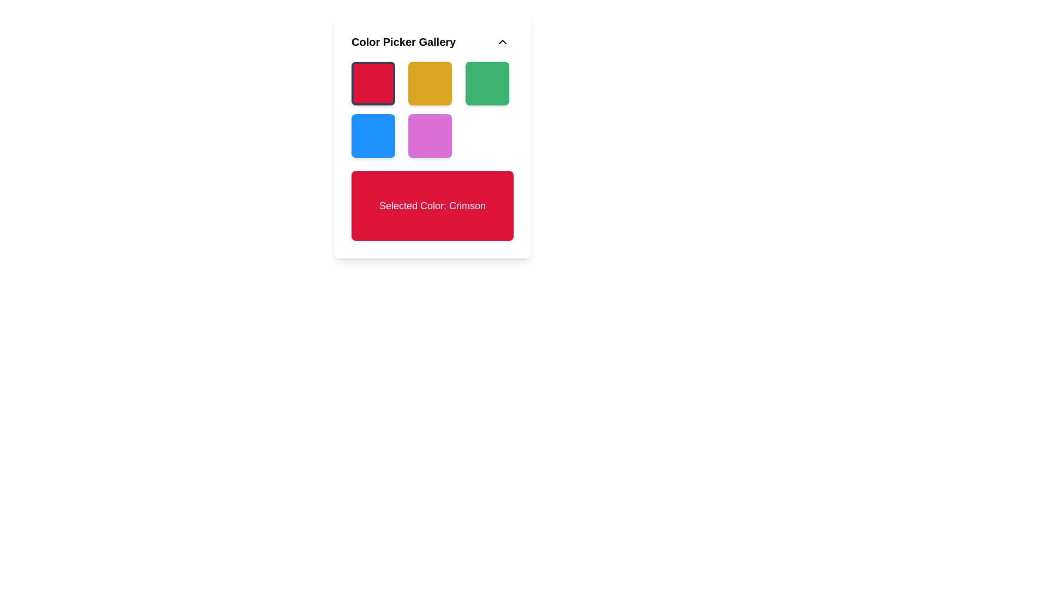  What do you see at coordinates (373, 135) in the screenshot?
I see `the color selection button for DodgerBlue to observe the hover animation, which is located in the second row, first column of the grid layout` at bounding box center [373, 135].